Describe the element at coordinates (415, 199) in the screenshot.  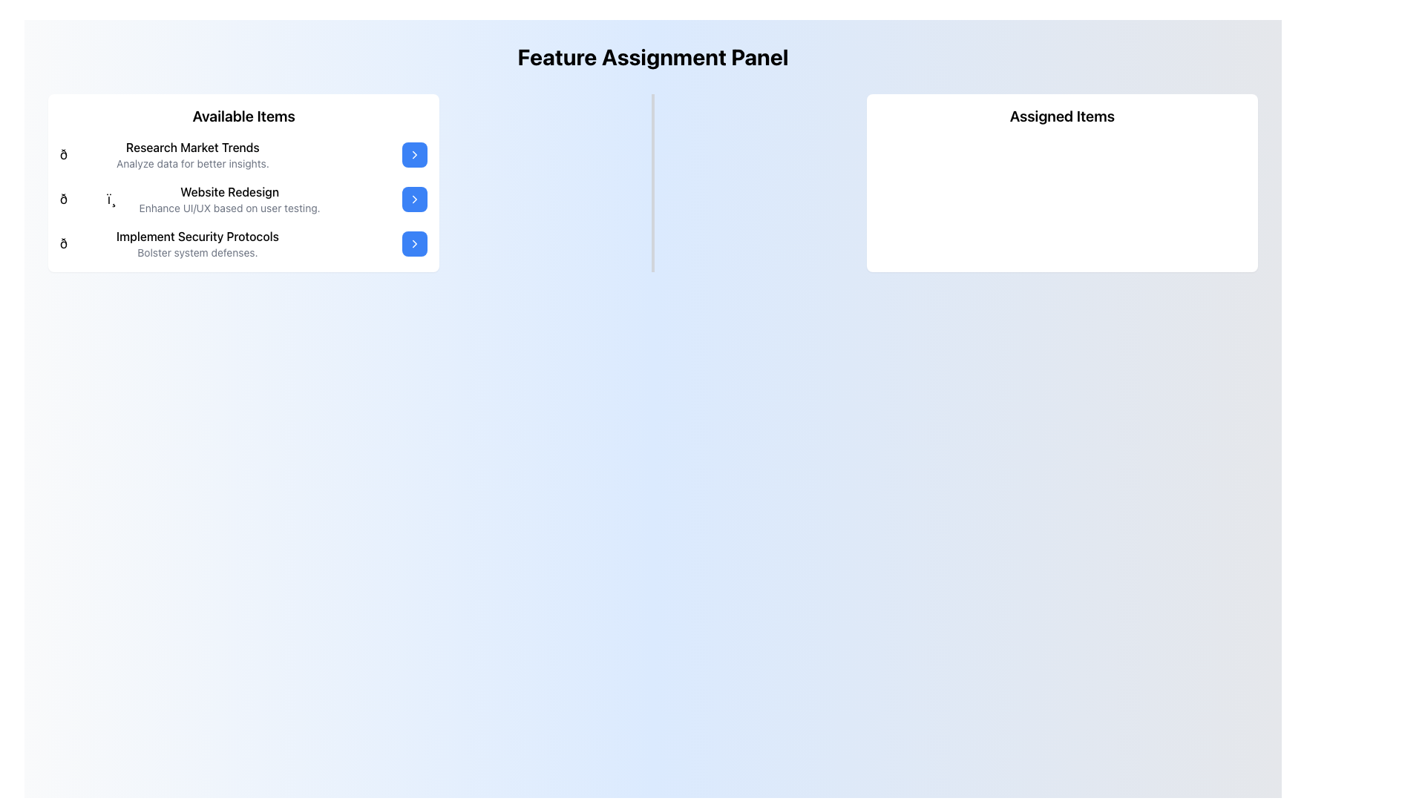
I see `the right-pointing chevron arrow icon within the blue-rounded button adjacent to the text 'Website Redesign'` at that location.